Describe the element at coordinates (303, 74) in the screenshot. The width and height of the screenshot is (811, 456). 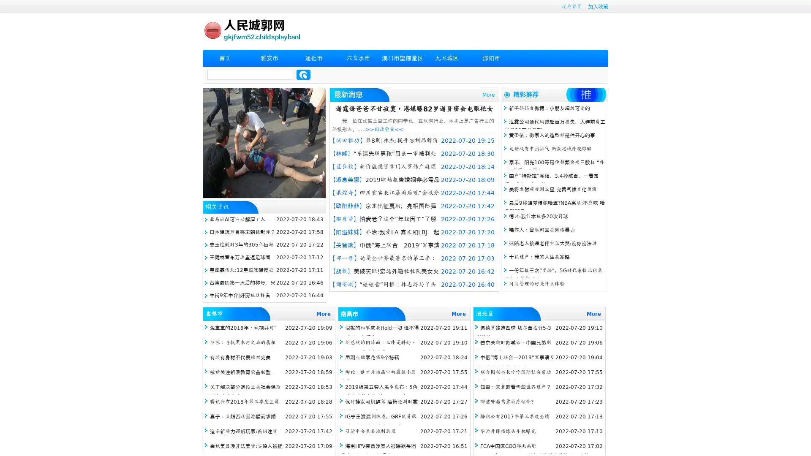
I see `Search` at that location.